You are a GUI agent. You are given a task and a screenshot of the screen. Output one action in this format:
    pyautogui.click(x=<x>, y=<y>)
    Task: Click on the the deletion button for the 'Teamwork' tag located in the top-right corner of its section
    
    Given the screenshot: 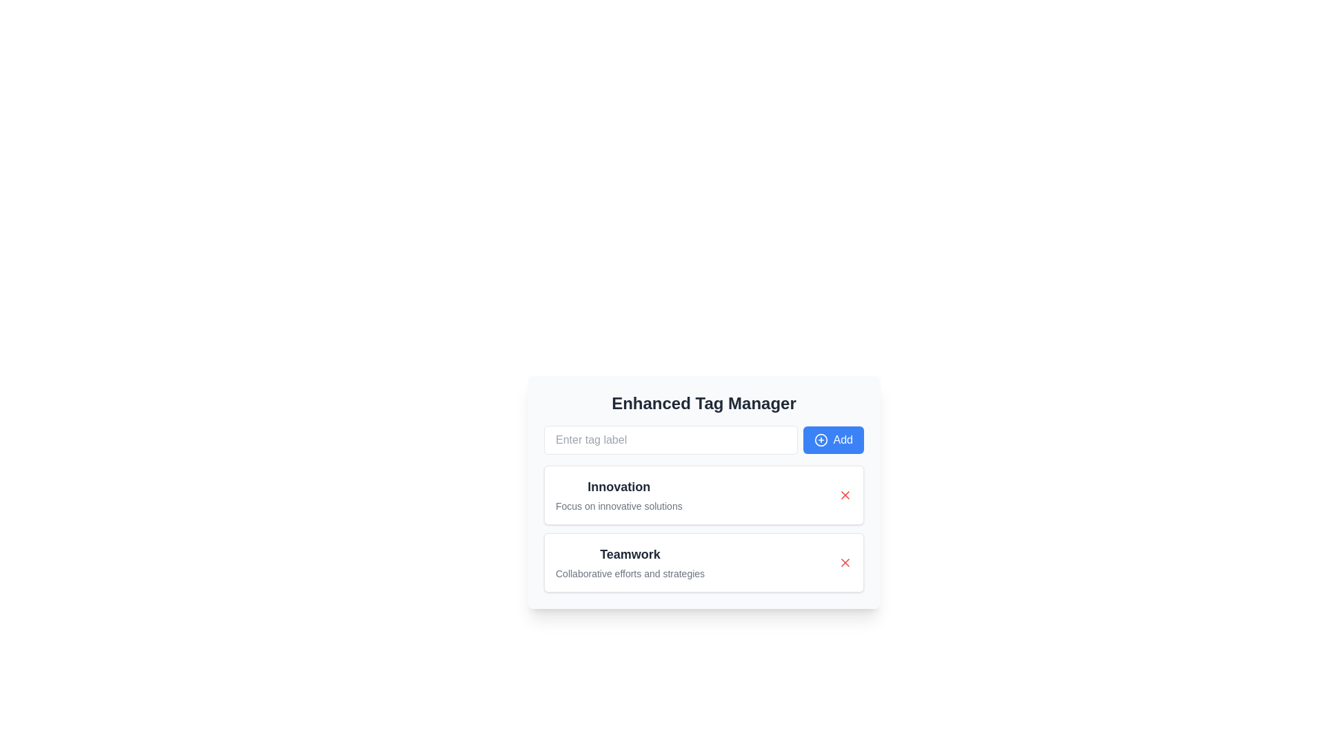 What is the action you would take?
    pyautogui.click(x=844, y=563)
    